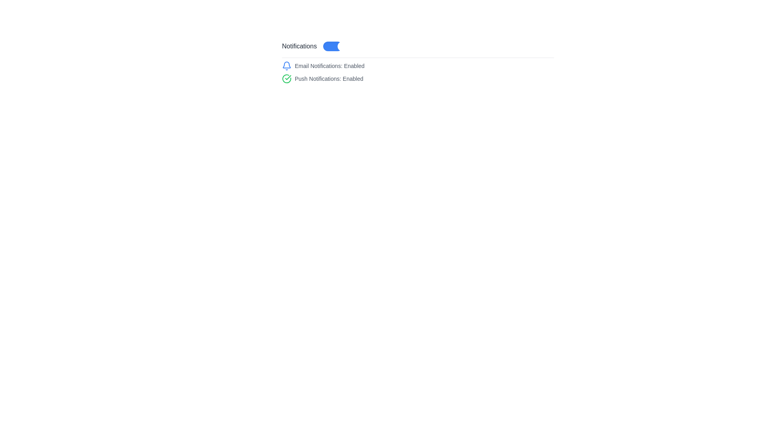 This screenshot has height=432, width=768. Describe the element at coordinates (330, 66) in the screenshot. I see `the text label indicating the status of email notifications, which is positioned immediately to the right of the blue bell icon and under the 'Notifications' section` at that location.